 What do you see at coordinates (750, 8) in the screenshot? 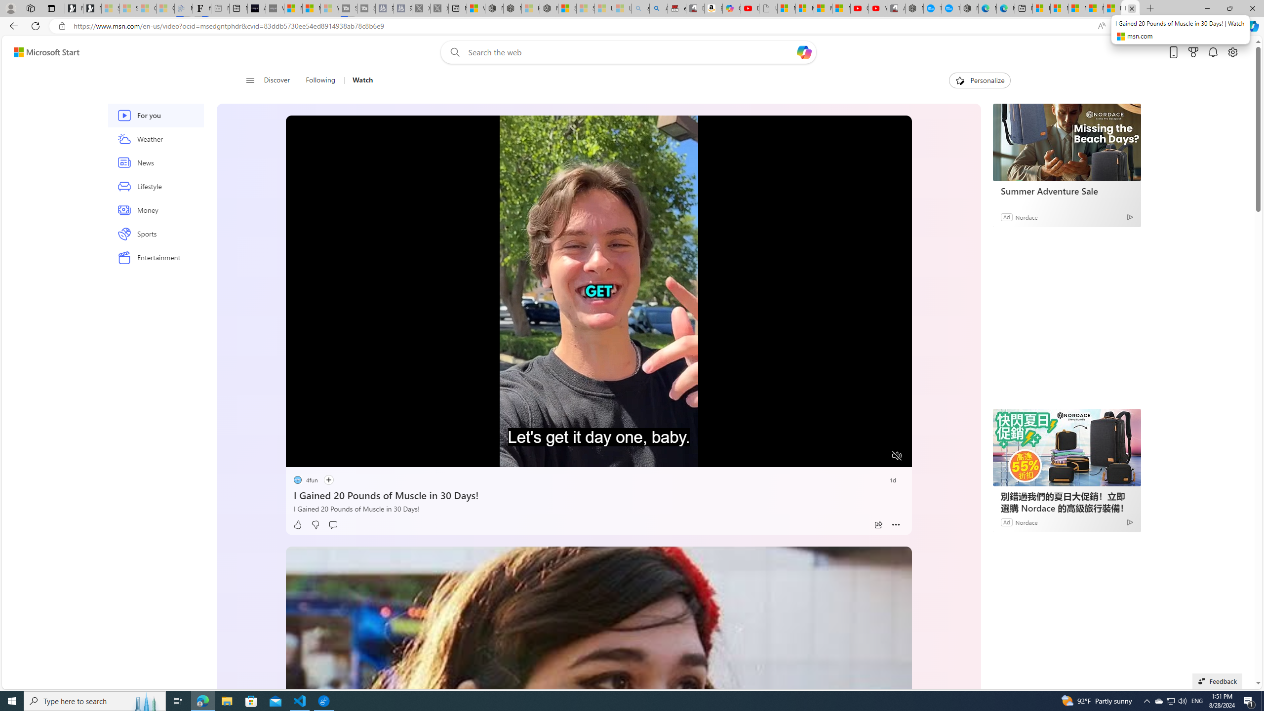
I see `'Day 1: Arriving in Yemen (surreal to be here) - YouTube'` at bounding box center [750, 8].